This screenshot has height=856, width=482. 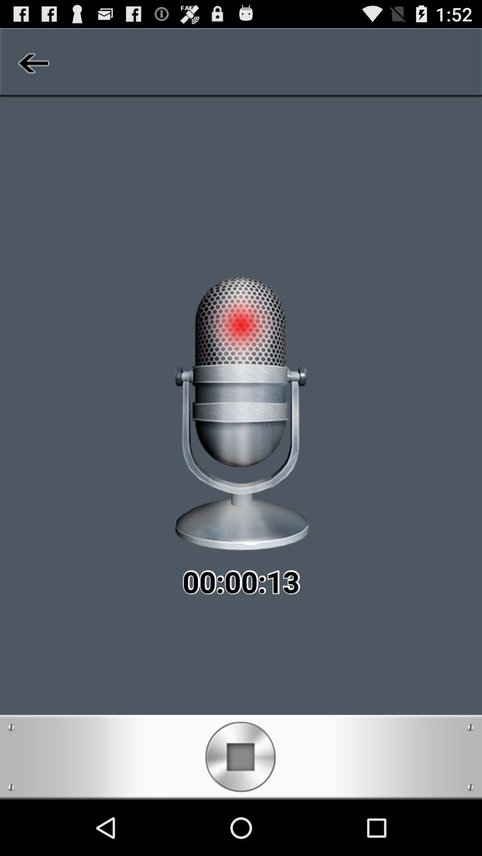 What do you see at coordinates (240, 757) in the screenshot?
I see `stop recording` at bounding box center [240, 757].